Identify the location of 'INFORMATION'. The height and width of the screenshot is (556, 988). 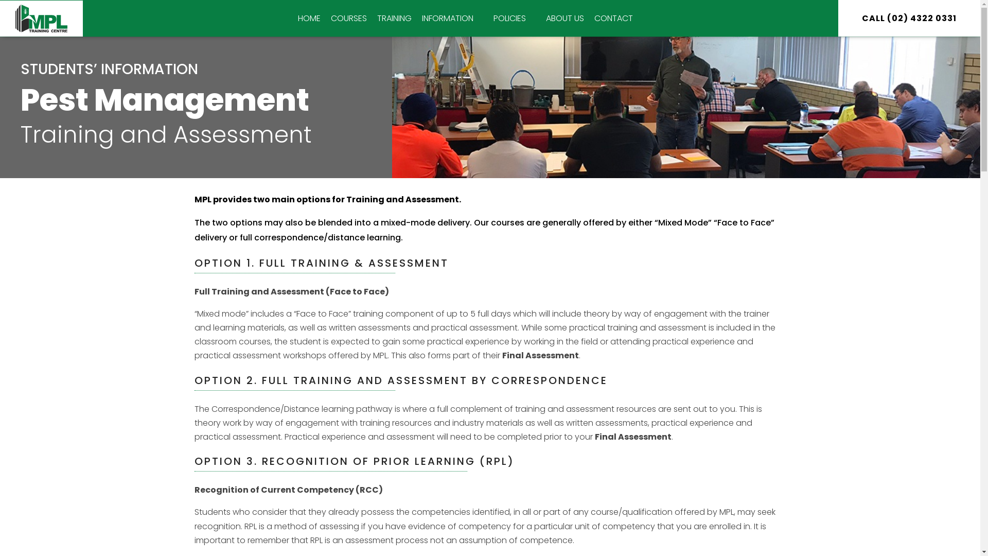
(417, 18).